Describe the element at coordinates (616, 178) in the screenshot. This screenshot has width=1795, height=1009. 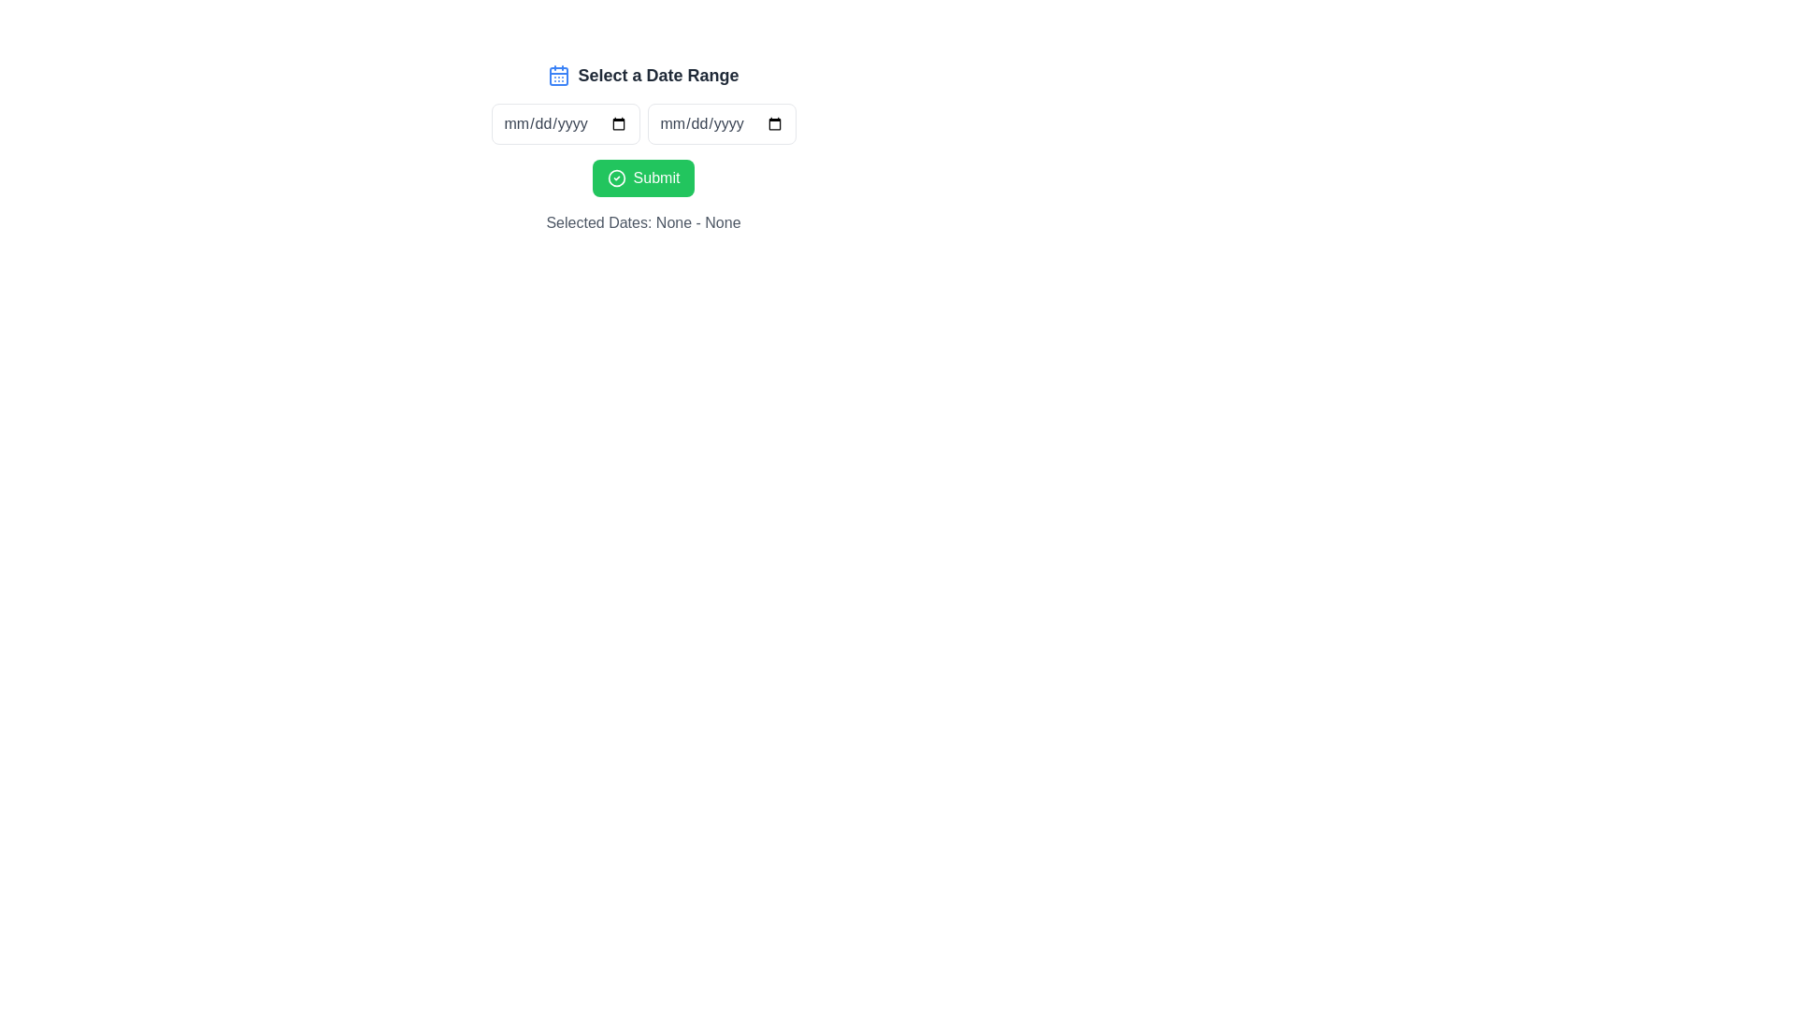
I see `the SVG circle element that is part of the circle-check icon located within the 'Submit' button` at that location.